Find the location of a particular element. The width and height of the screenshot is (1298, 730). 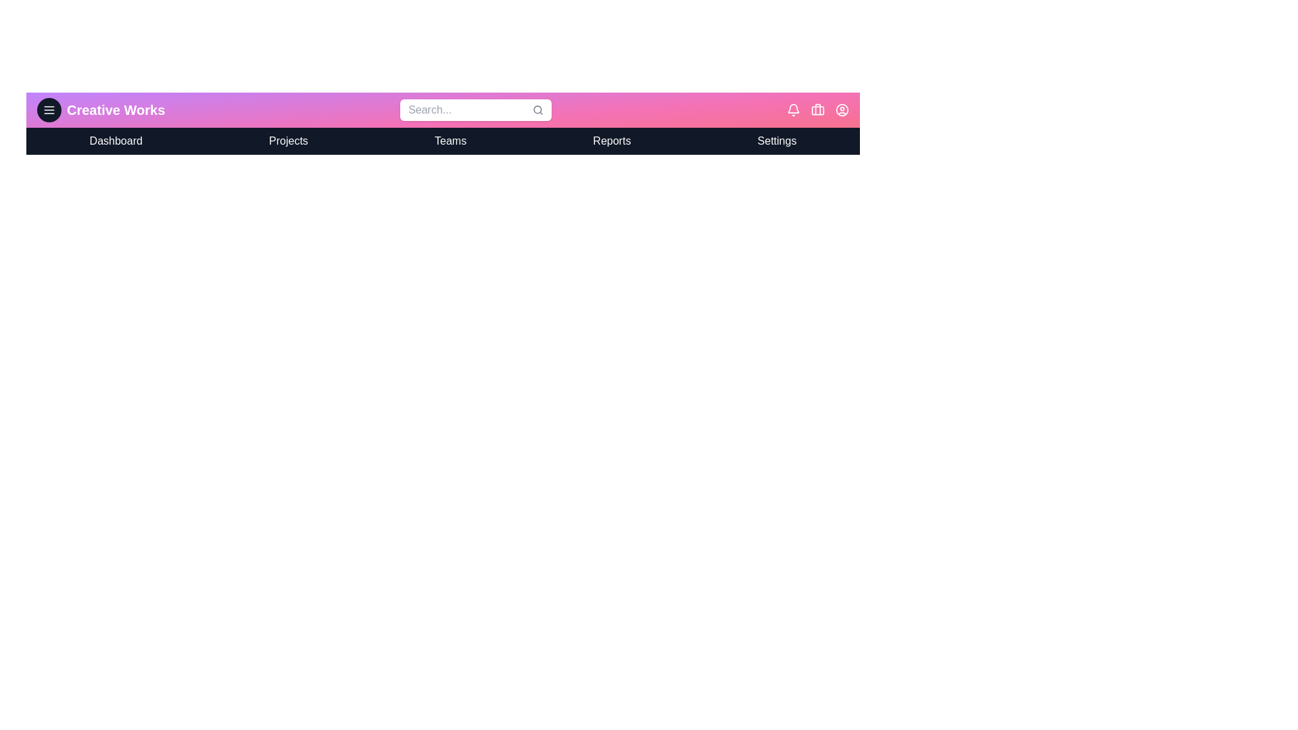

the navigation menu item Projects to navigate to the respective section is located at coordinates (288, 141).